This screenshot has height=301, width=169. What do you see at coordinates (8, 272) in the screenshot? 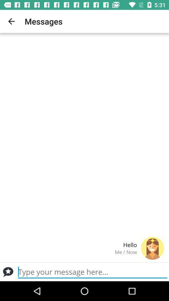
I see `type a message box` at bounding box center [8, 272].